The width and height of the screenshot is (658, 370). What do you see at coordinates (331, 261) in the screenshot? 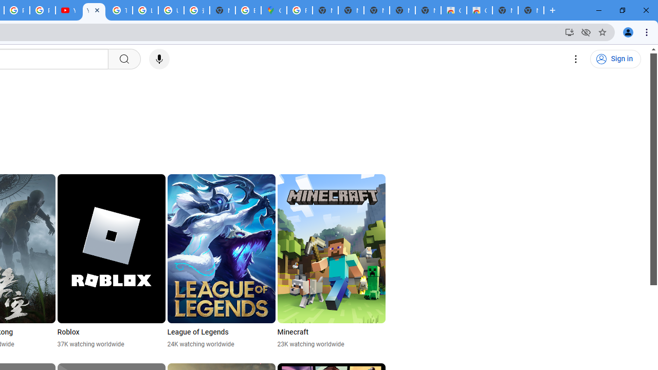
I see `'Minecraft 23K watching worldwide'` at bounding box center [331, 261].